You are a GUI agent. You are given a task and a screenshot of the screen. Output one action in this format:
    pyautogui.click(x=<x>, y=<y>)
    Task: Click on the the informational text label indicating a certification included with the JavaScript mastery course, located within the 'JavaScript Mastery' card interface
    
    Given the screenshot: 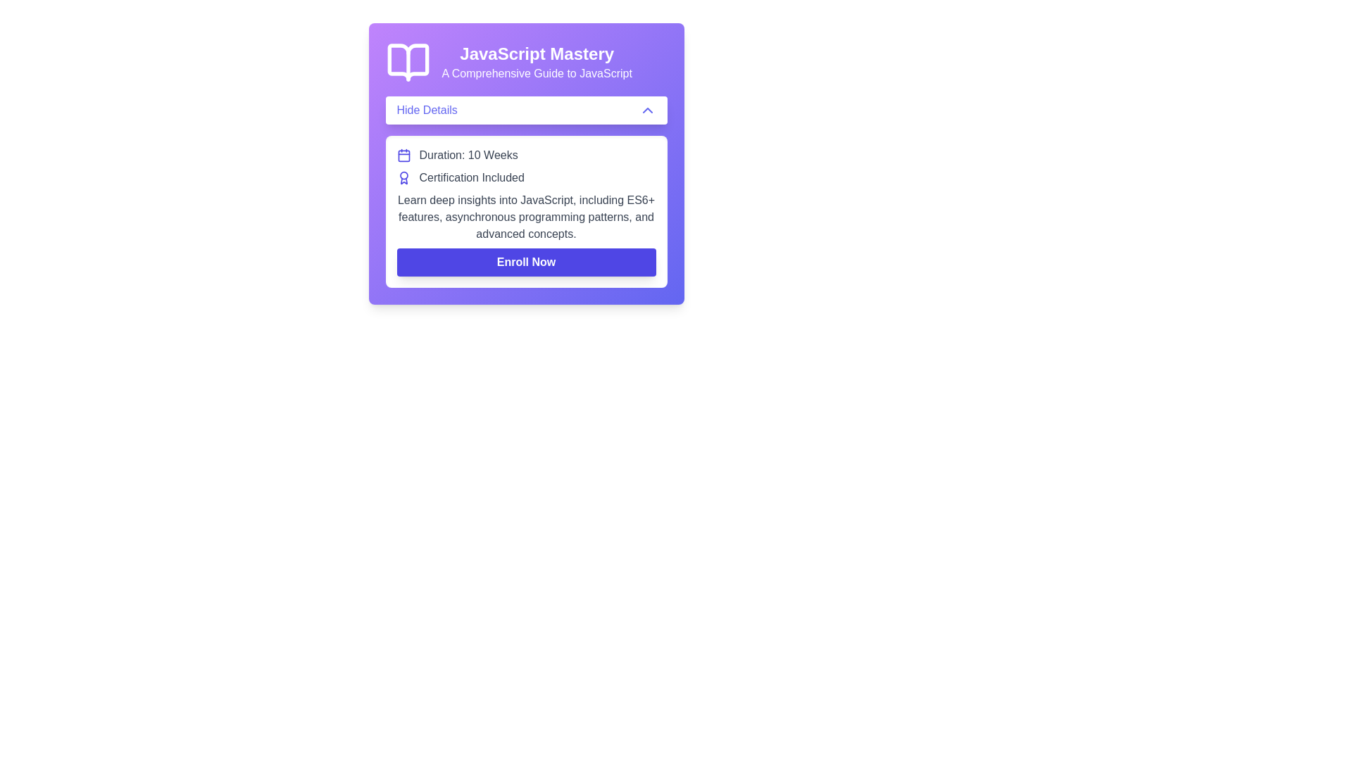 What is the action you would take?
    pyautogui.click(x=472, y=177)
    